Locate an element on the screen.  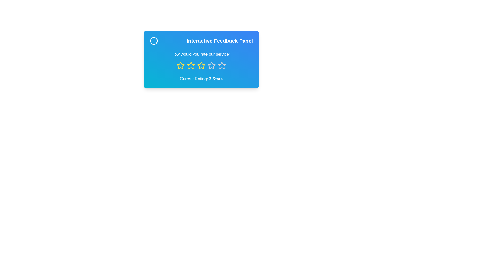
the static text displaying the current rating level, which is located below the five star icons and follows the label 'Current Rating:' in the blue panel is located at coordinates (216, 79).